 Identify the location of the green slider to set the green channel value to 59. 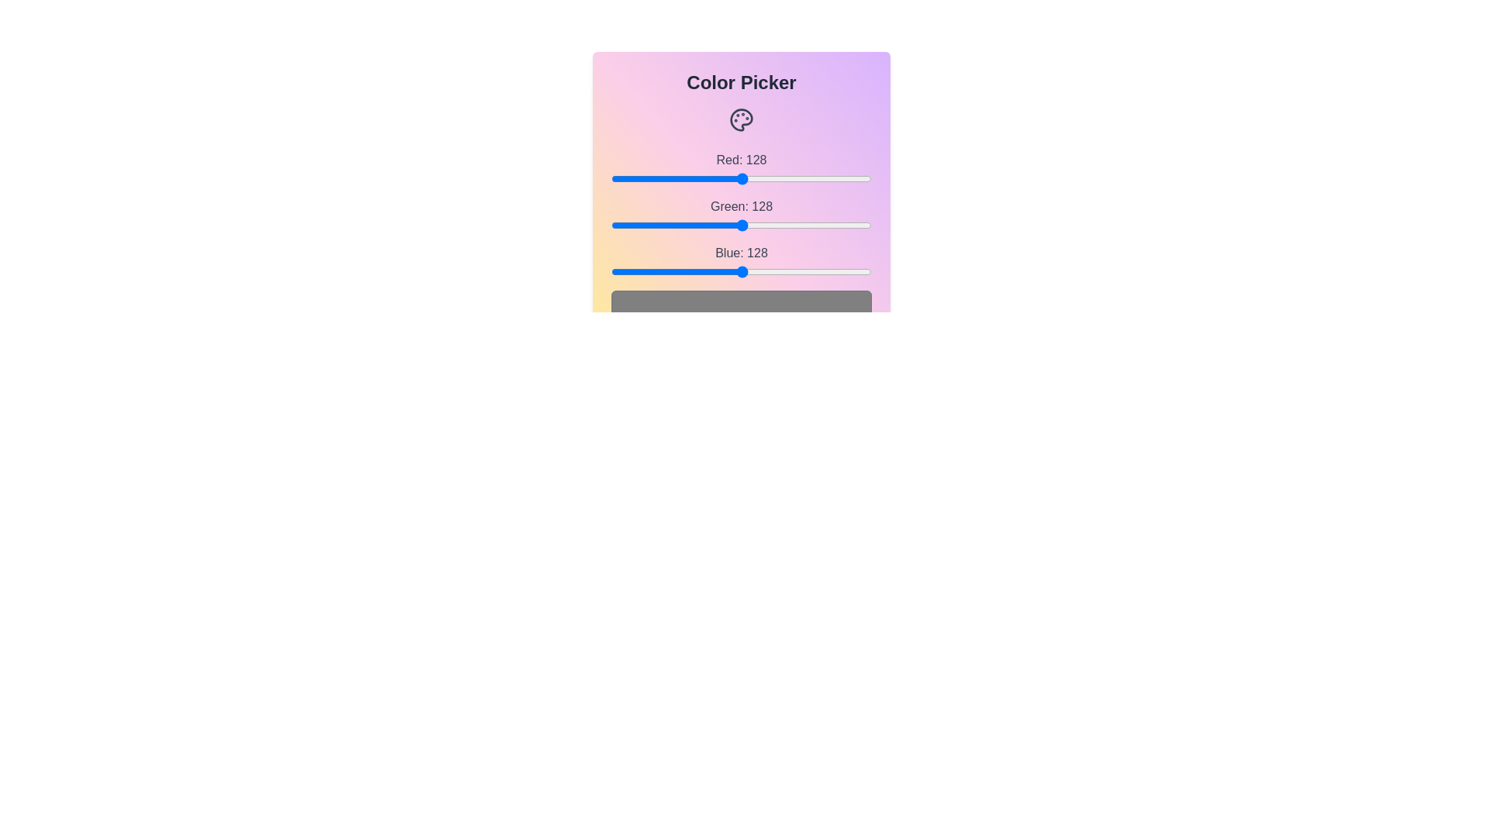
(671, 225).